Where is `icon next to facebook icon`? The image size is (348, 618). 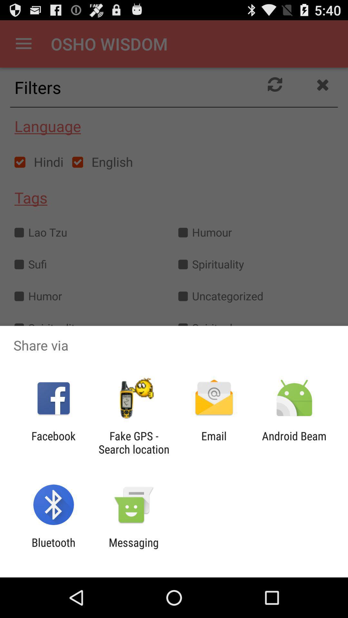 icon next to facebook icon is located at coordinates (133, 442).